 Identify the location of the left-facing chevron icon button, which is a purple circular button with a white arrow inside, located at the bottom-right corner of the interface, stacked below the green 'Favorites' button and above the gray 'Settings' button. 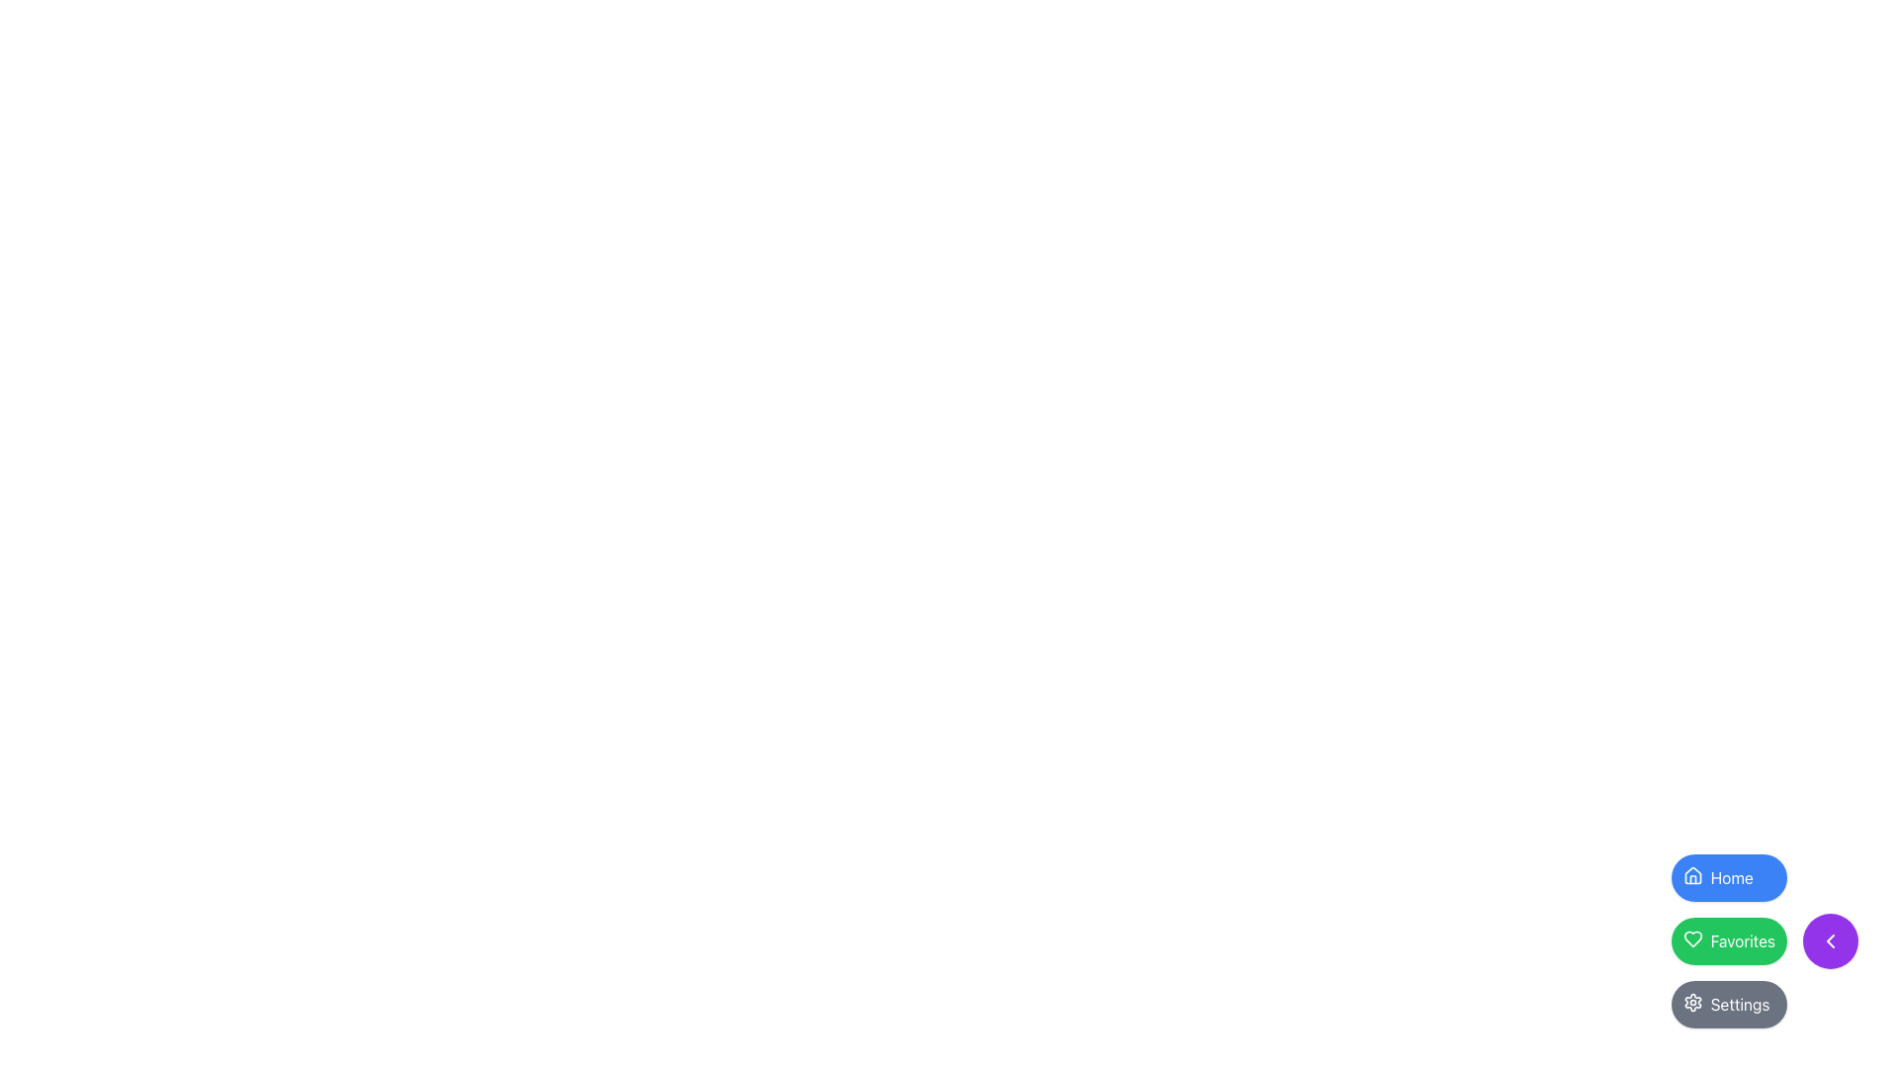
(1830, 940).